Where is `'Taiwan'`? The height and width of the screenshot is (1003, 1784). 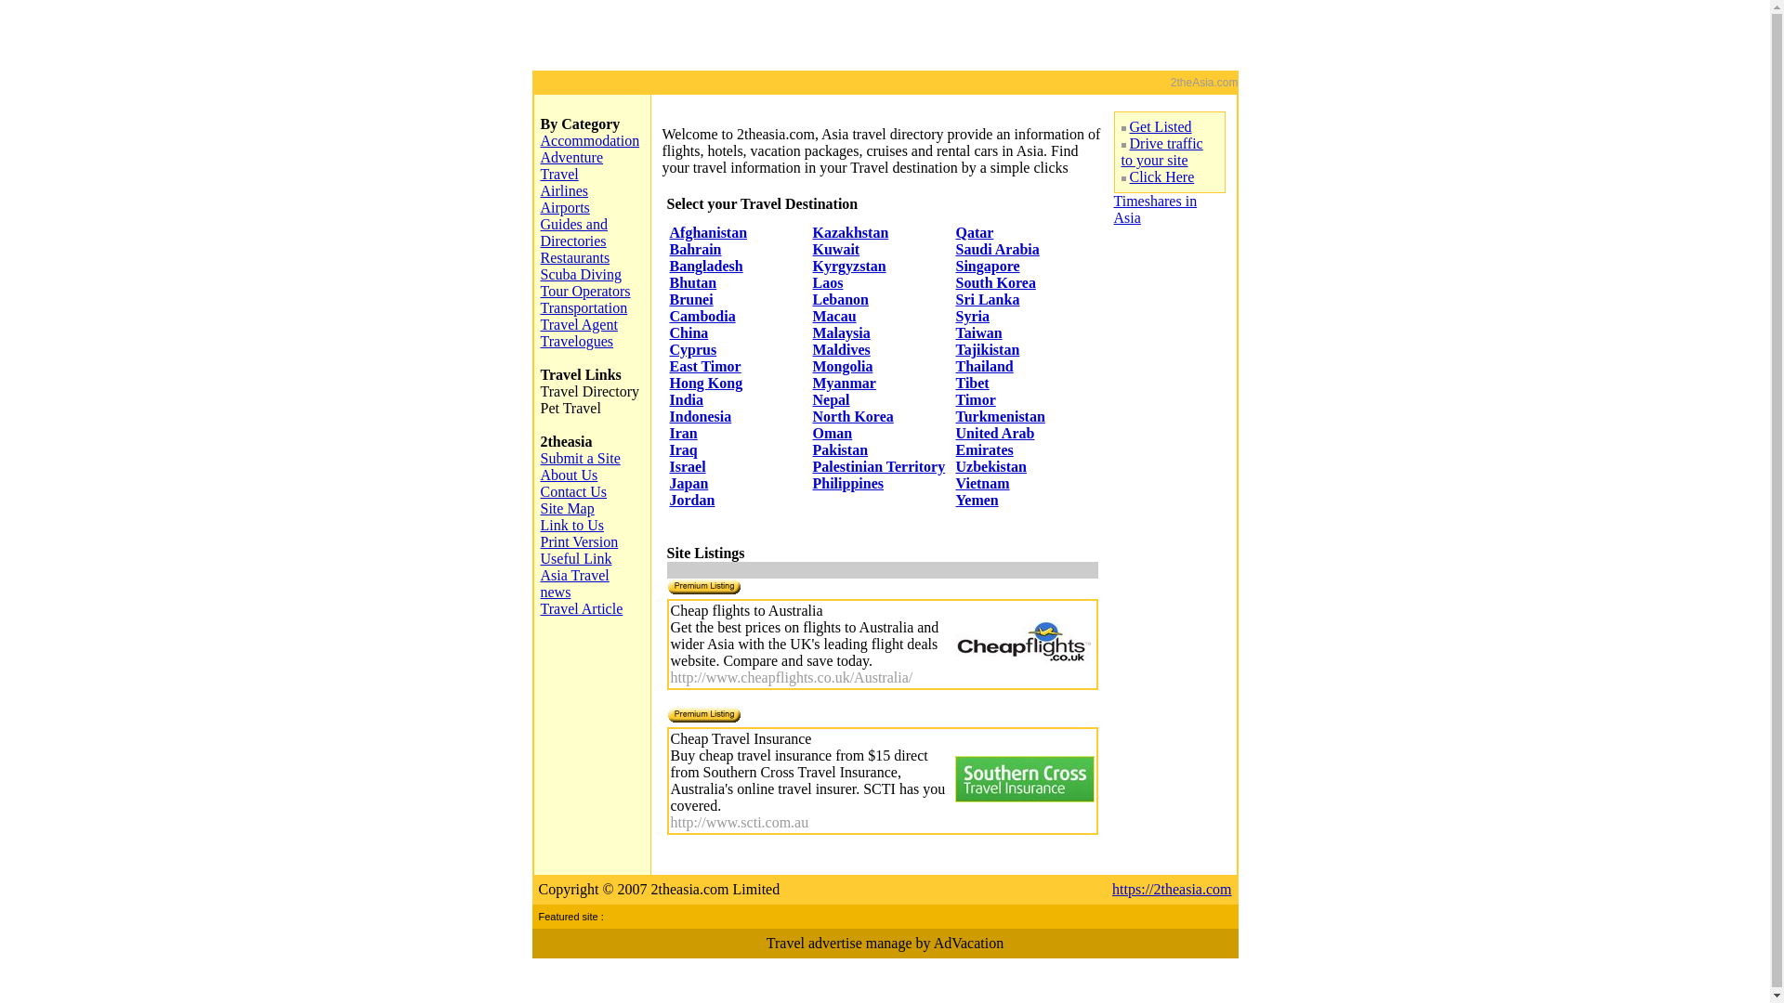
'Taiwan' is located at coordinates (977, 332).